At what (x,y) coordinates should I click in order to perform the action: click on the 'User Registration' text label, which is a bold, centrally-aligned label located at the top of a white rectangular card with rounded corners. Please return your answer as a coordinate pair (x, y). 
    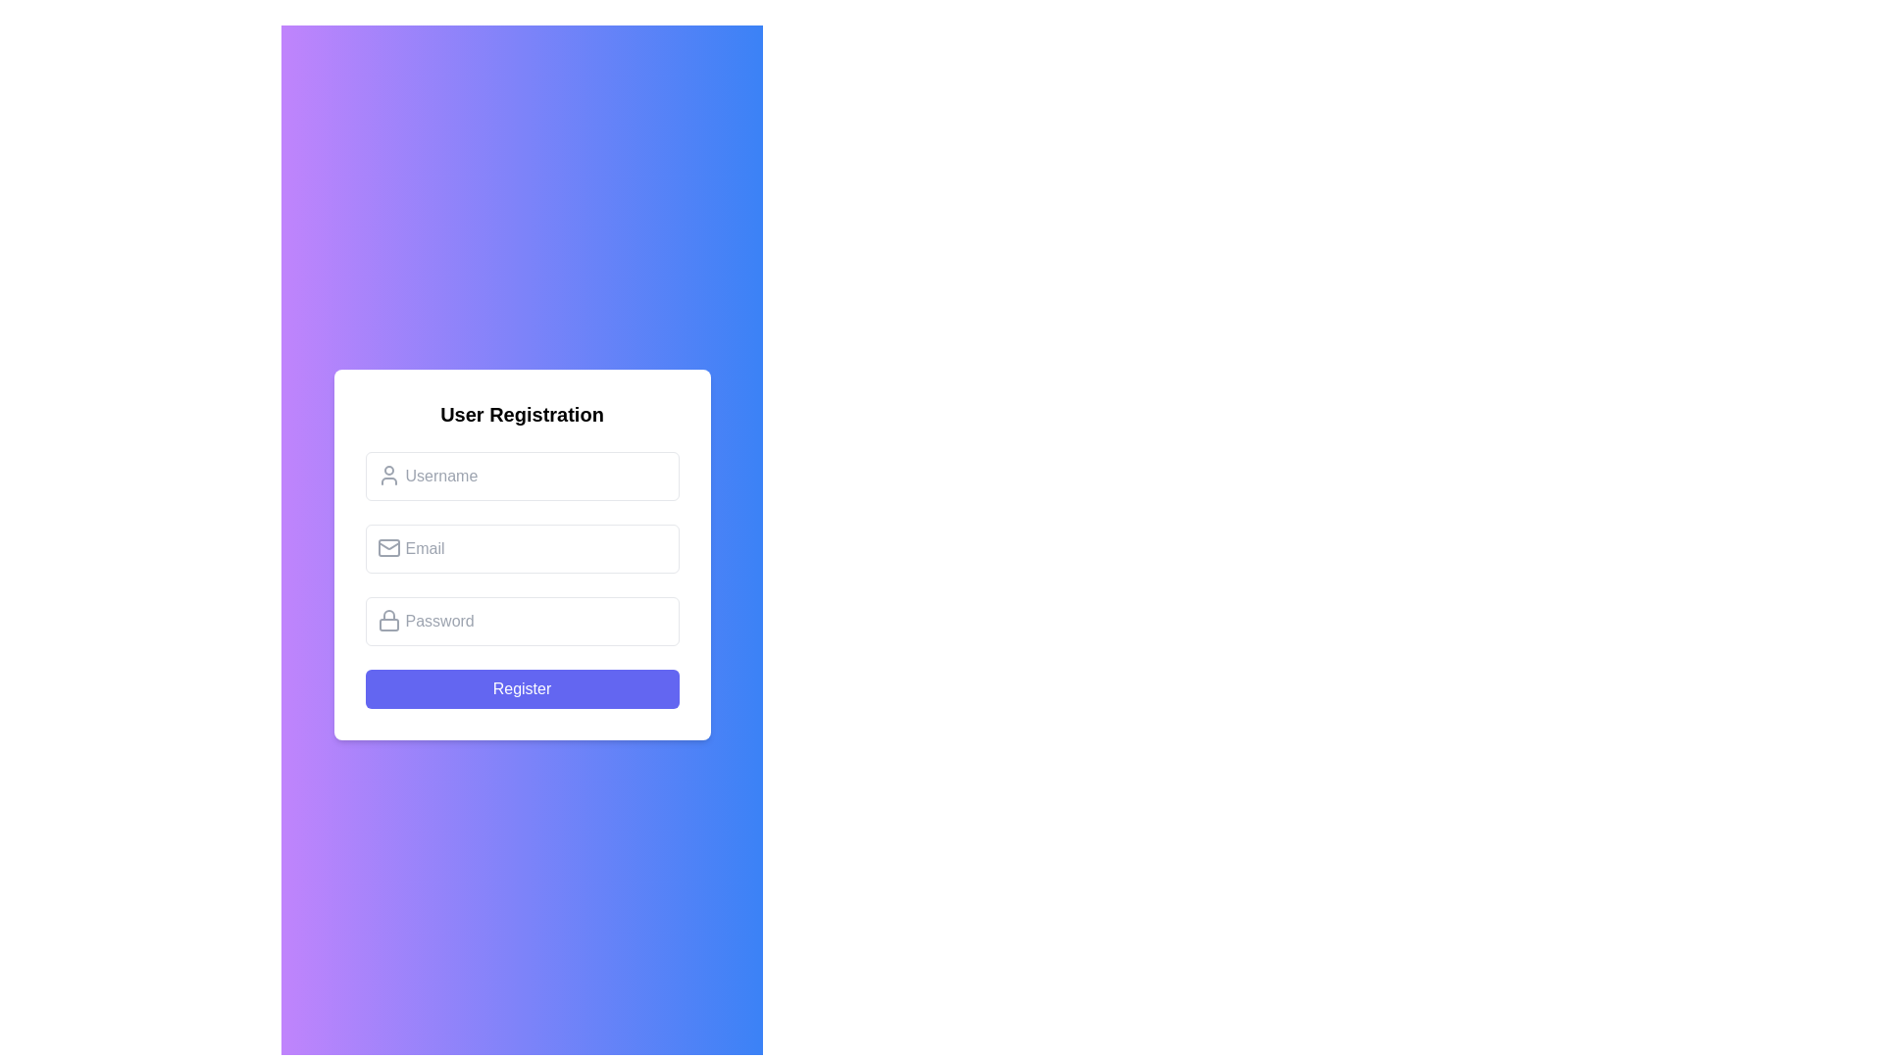
    Looking at the image, I should click on (522, 414).